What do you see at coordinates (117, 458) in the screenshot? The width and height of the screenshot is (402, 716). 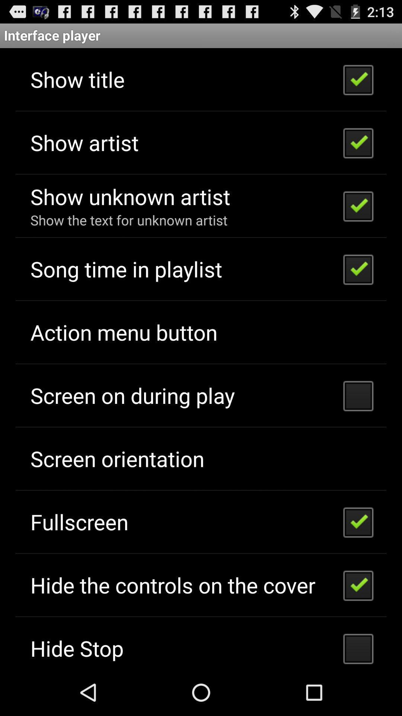 I see `screen orientation item` at bounding box center [117, 458].